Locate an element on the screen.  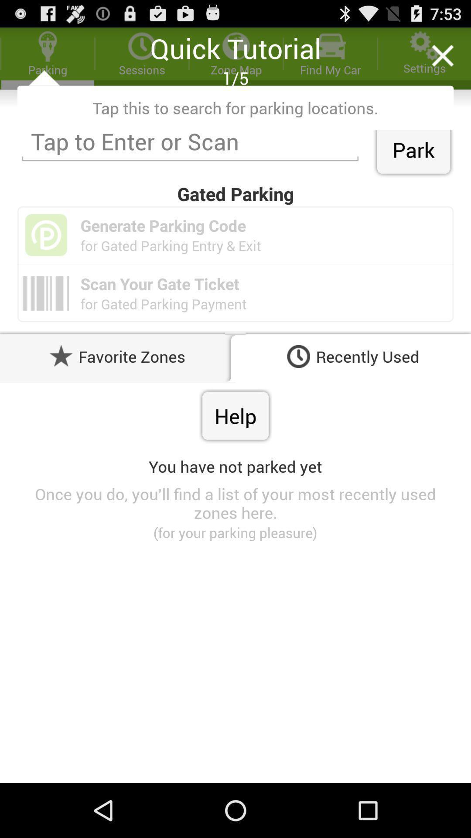
the close icon is located at coordinates (442, 59).